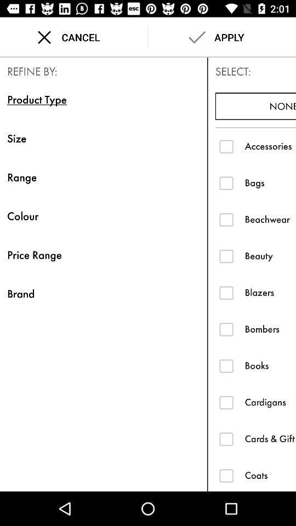 The image size is (296, 526). What do you see at coordinates (226, 256) in the screenshot?
I see `beauty` at bounding box center [226, 256].